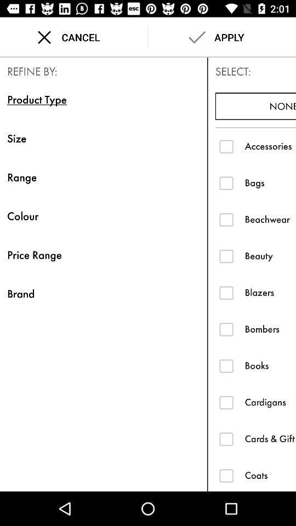 The image size is (296, 526). What do you see at coordinates (226, 256) in the screenshot?
I see `beauty` at bounding box center [226, 256].